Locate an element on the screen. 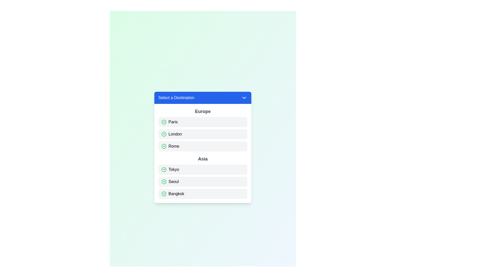 This screenshot has height=273, width=485. the 'Tokyo' choice in the dropdown menu under the 'Asia' category is located at coordinates (203, 170).